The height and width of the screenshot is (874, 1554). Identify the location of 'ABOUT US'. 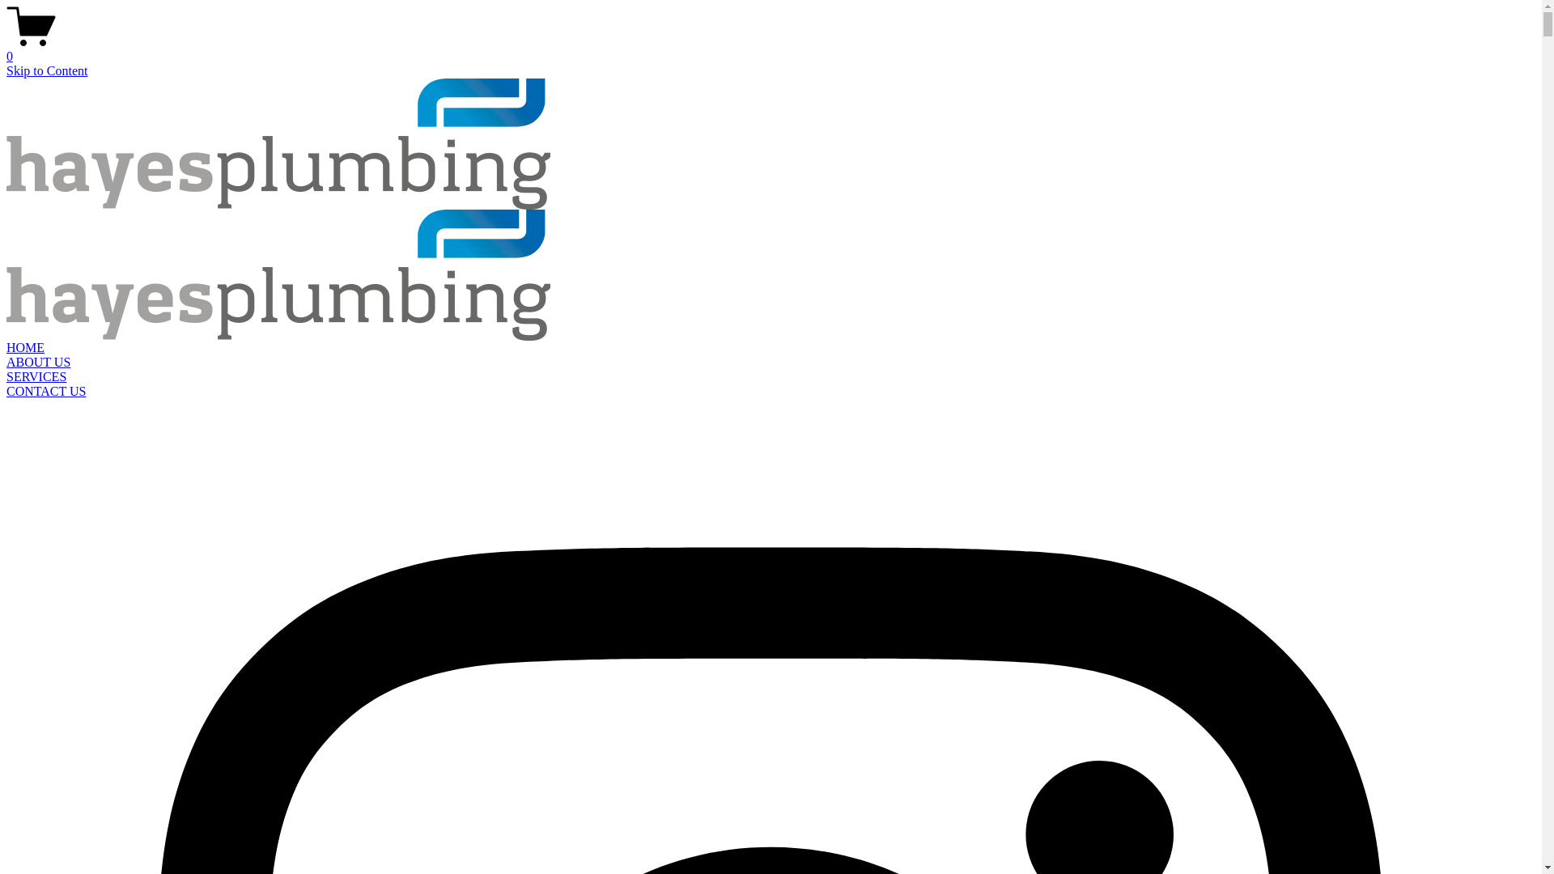
(38, 361).